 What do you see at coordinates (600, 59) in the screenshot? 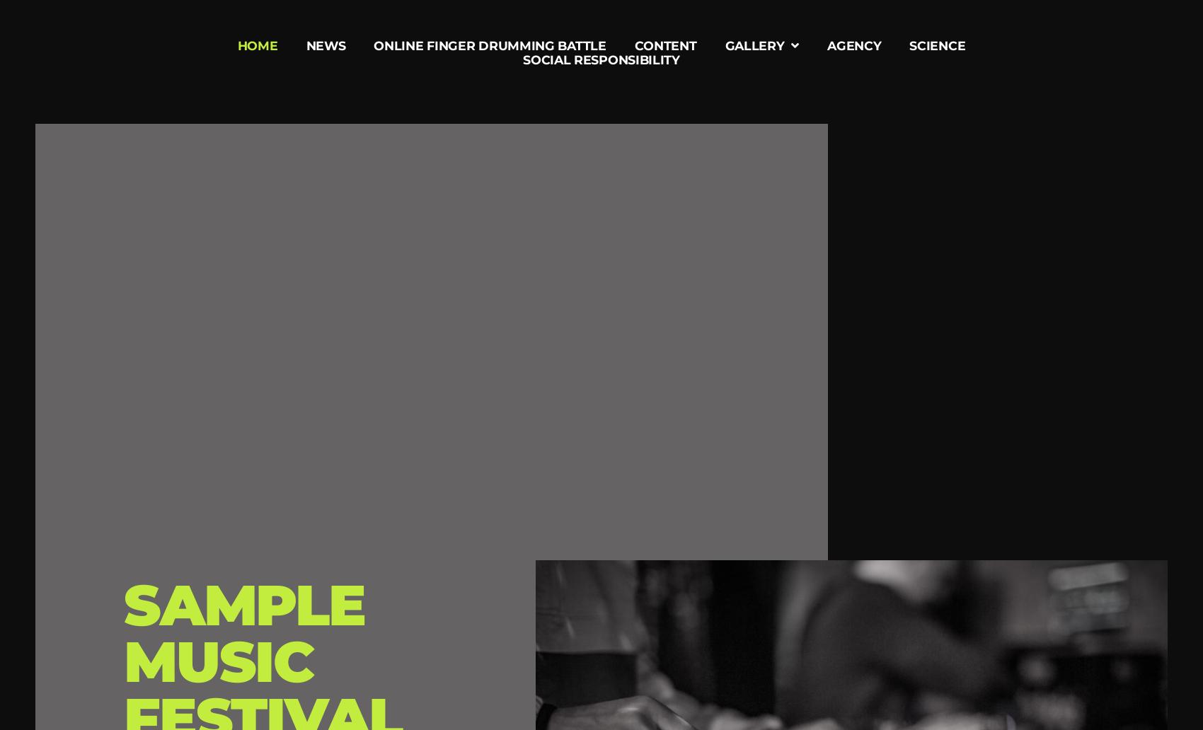
I see `'Social Responsibility'` at bounding box center [600, 59].